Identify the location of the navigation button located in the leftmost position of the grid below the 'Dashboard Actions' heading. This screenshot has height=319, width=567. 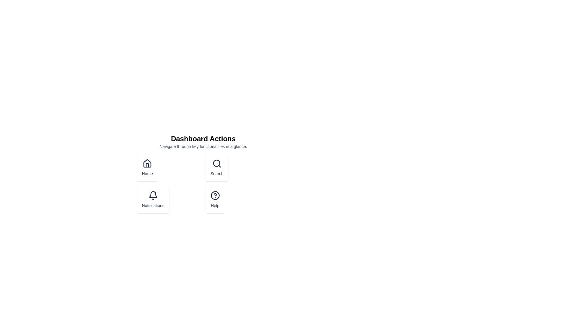
(147, 167).